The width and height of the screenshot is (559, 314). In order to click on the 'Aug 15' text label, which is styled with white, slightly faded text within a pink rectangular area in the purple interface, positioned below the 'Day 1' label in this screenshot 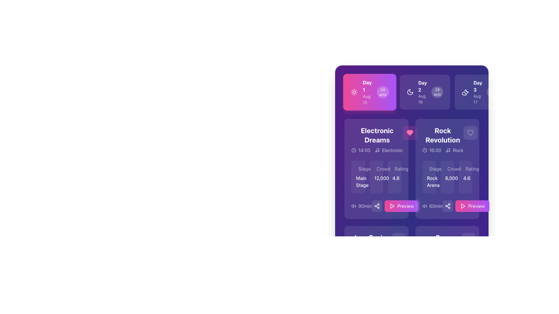, I will do `click(367, 99)`.